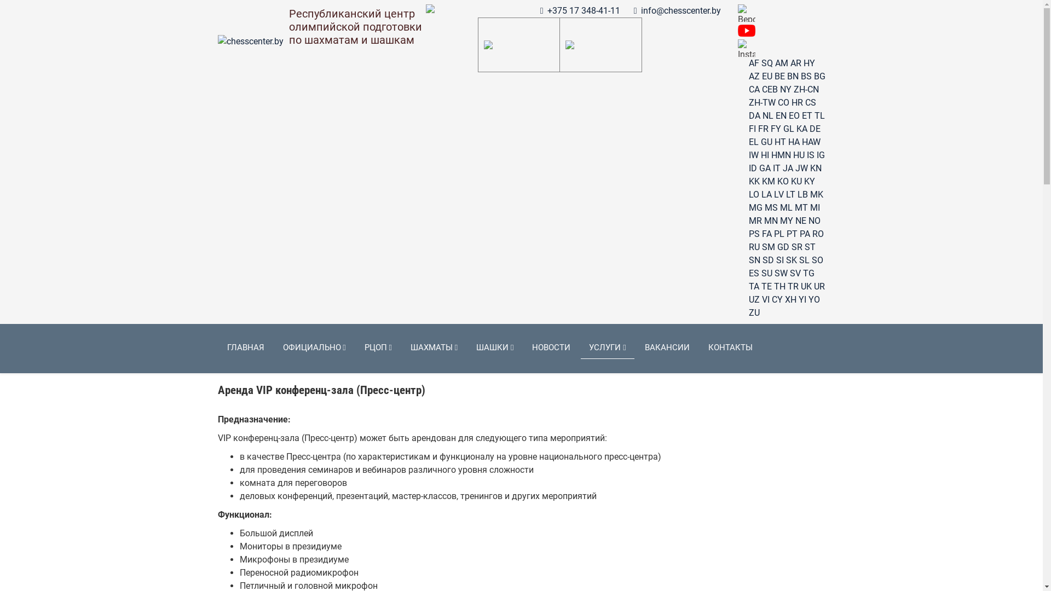 This screenshot has width=1051, height=591. Describe the element at coordinates (748, 299) in the screenshot. I see `'UZ'` at that location.